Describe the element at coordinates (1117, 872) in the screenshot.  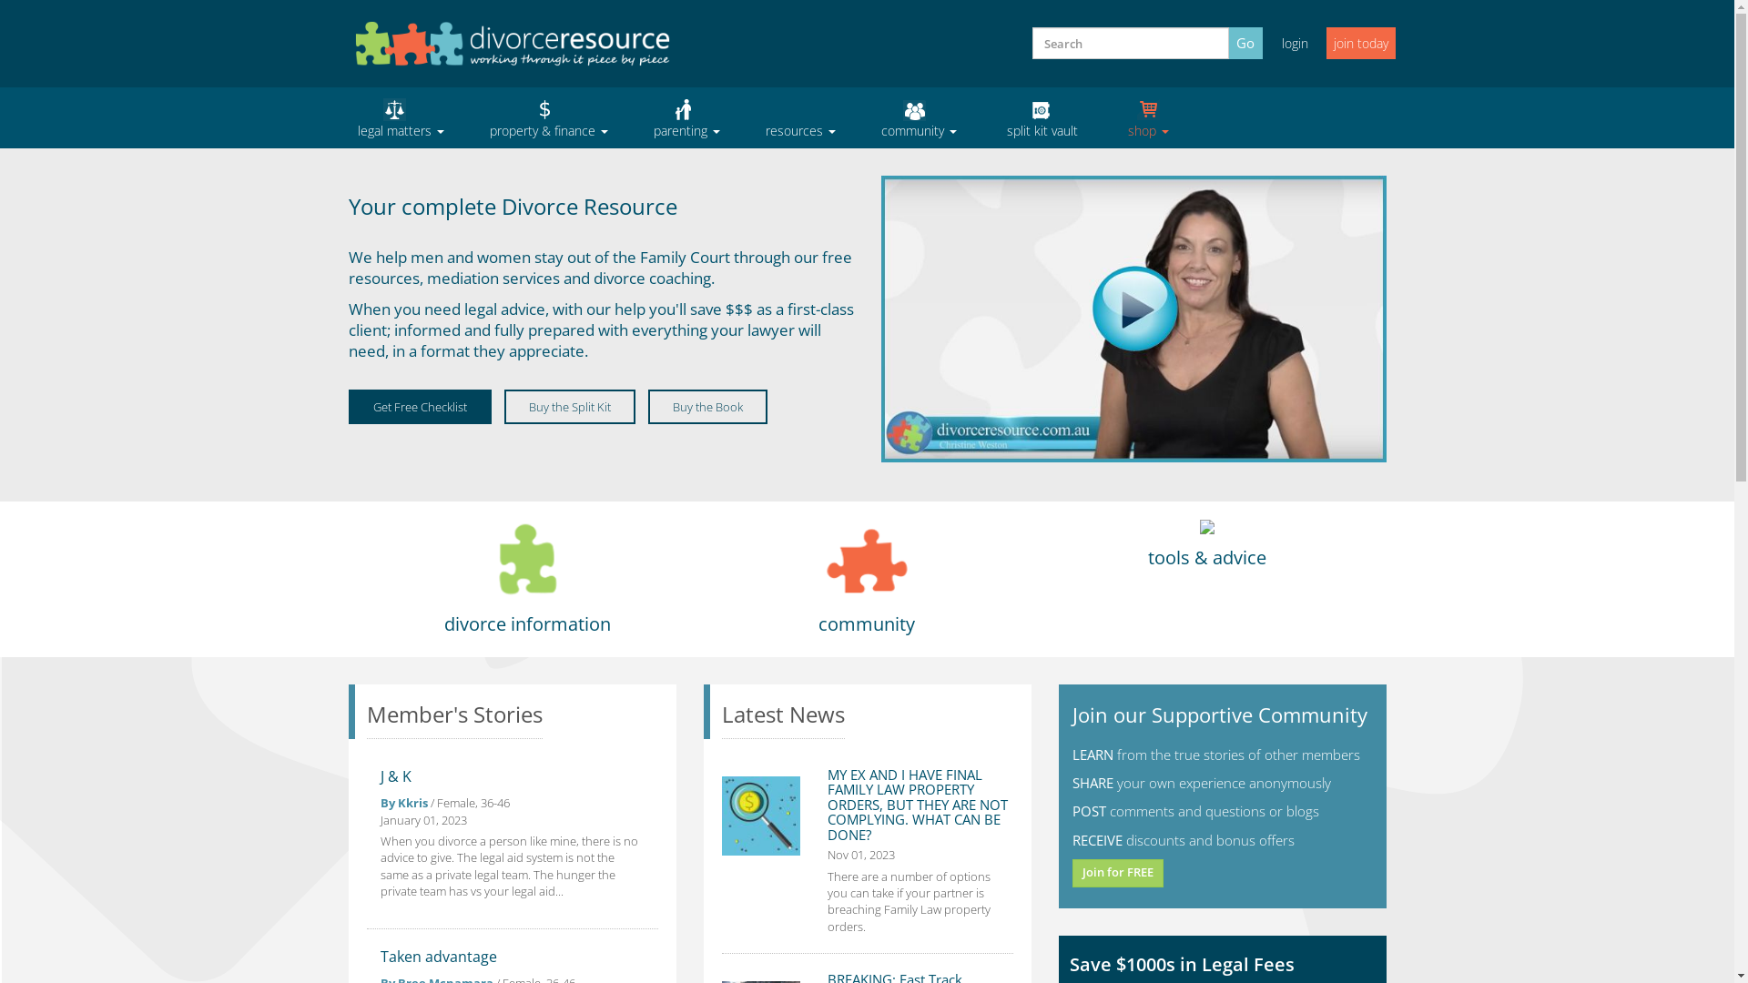
I see `'Join for FREE'` at that location.